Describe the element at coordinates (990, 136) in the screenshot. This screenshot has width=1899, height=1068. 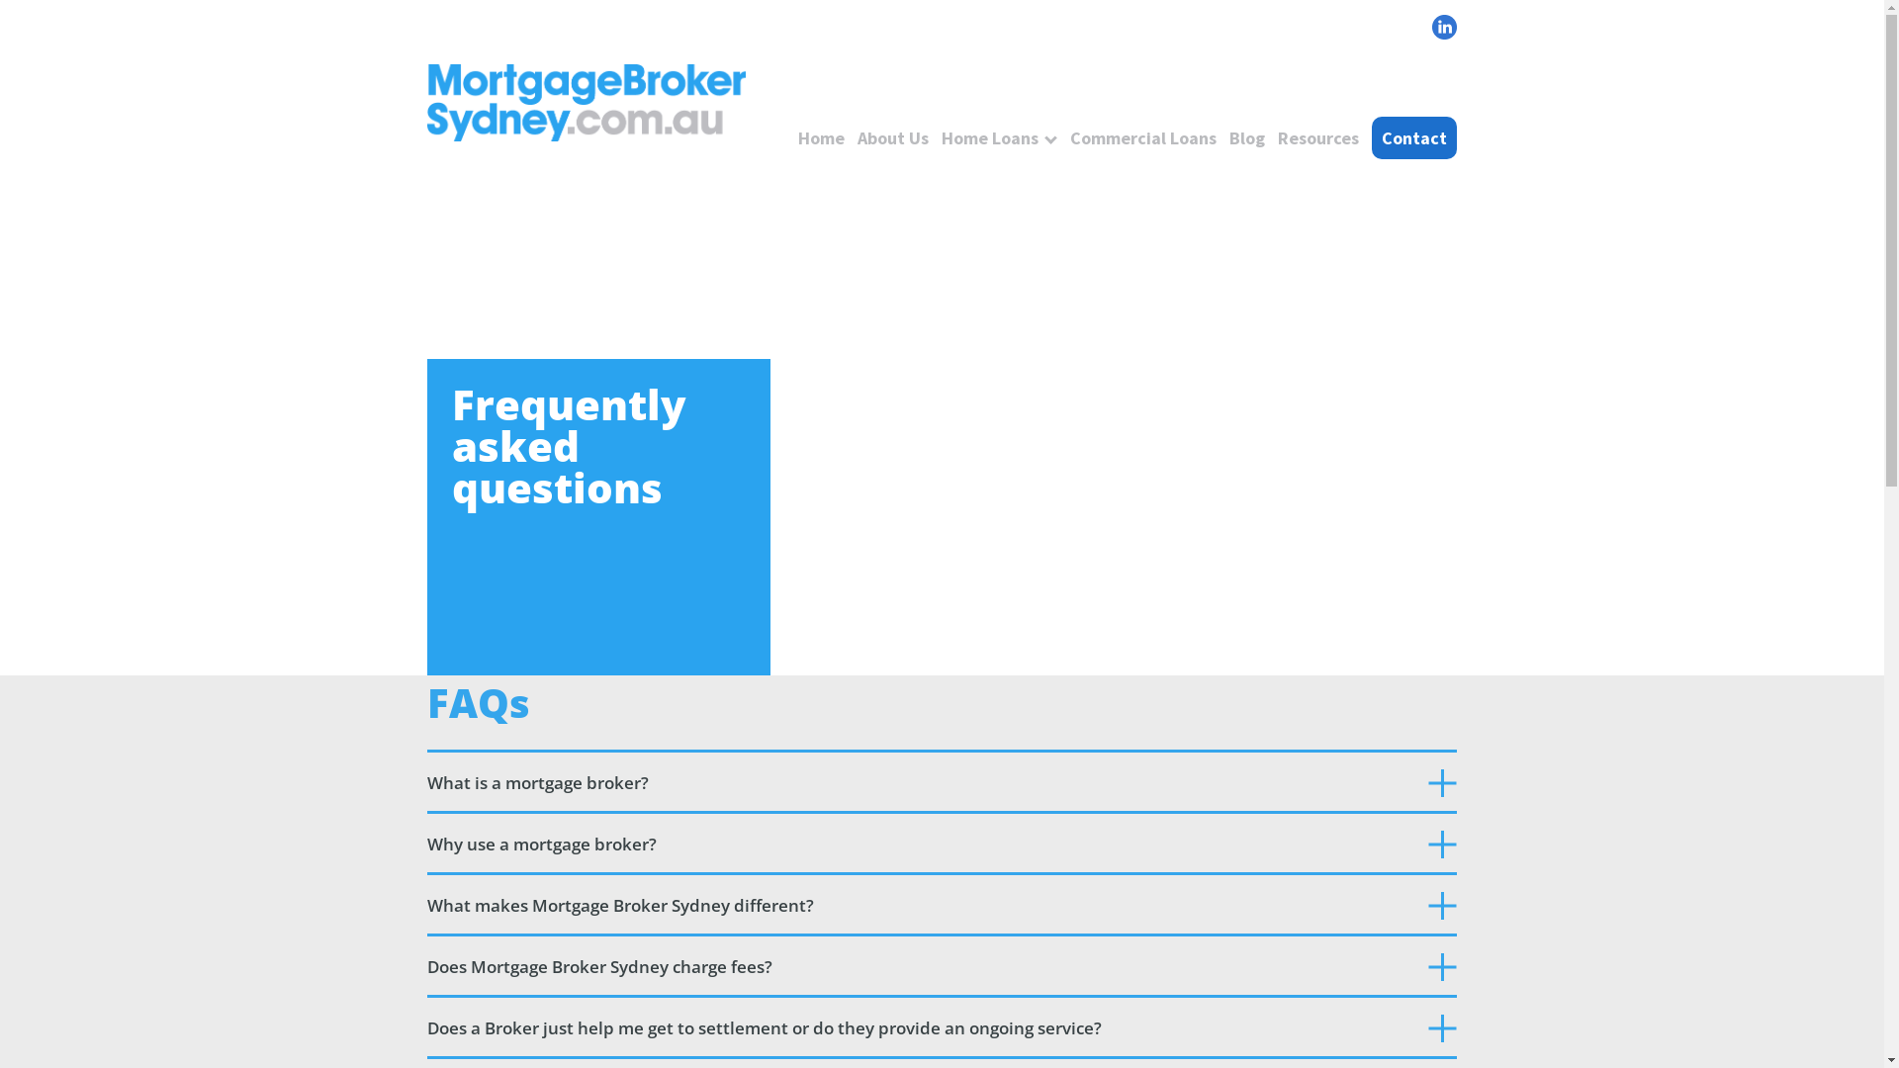
I see `'Home Loans'` at that location.